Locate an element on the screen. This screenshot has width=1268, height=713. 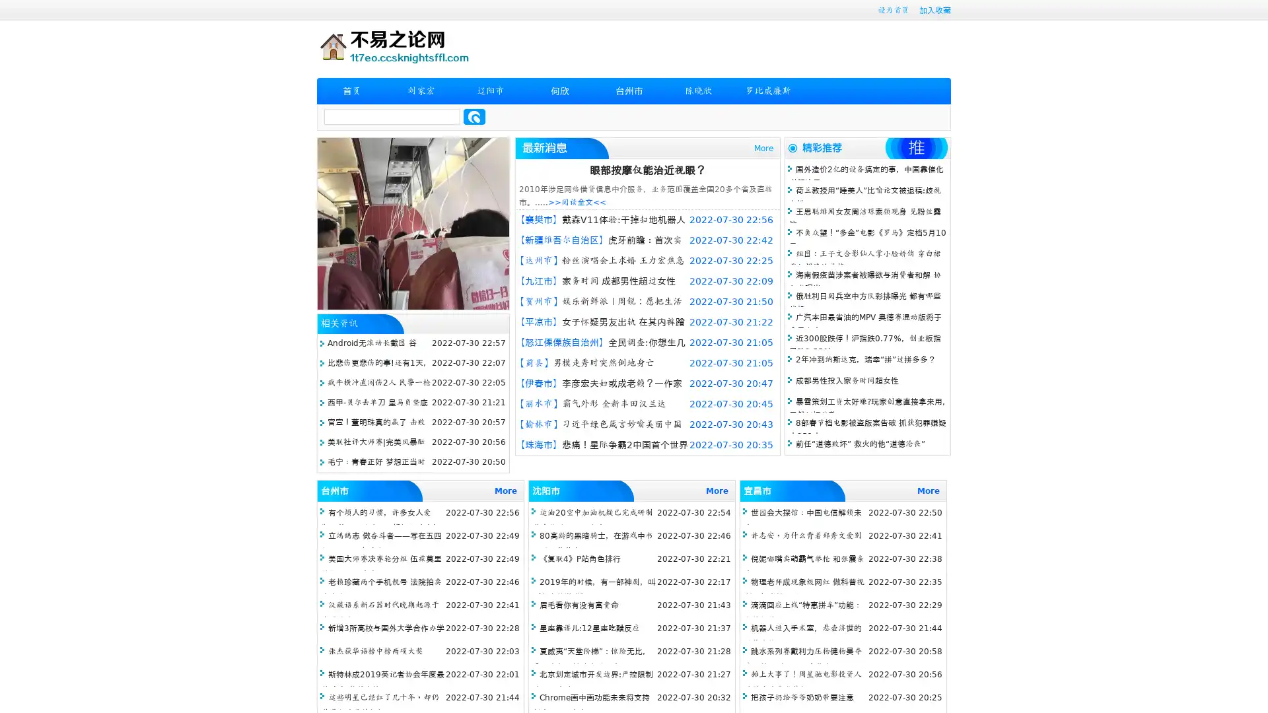
Search is located at coordinates (474, 116).